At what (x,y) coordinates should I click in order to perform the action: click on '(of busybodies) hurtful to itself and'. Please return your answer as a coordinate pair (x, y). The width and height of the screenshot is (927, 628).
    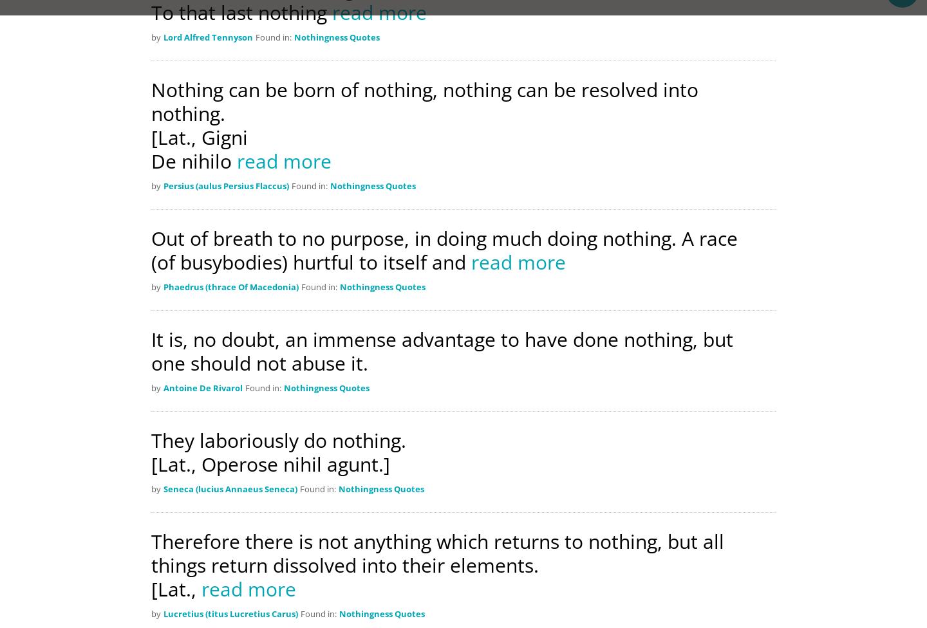
    Looking at the image, I should click on (310, 261).